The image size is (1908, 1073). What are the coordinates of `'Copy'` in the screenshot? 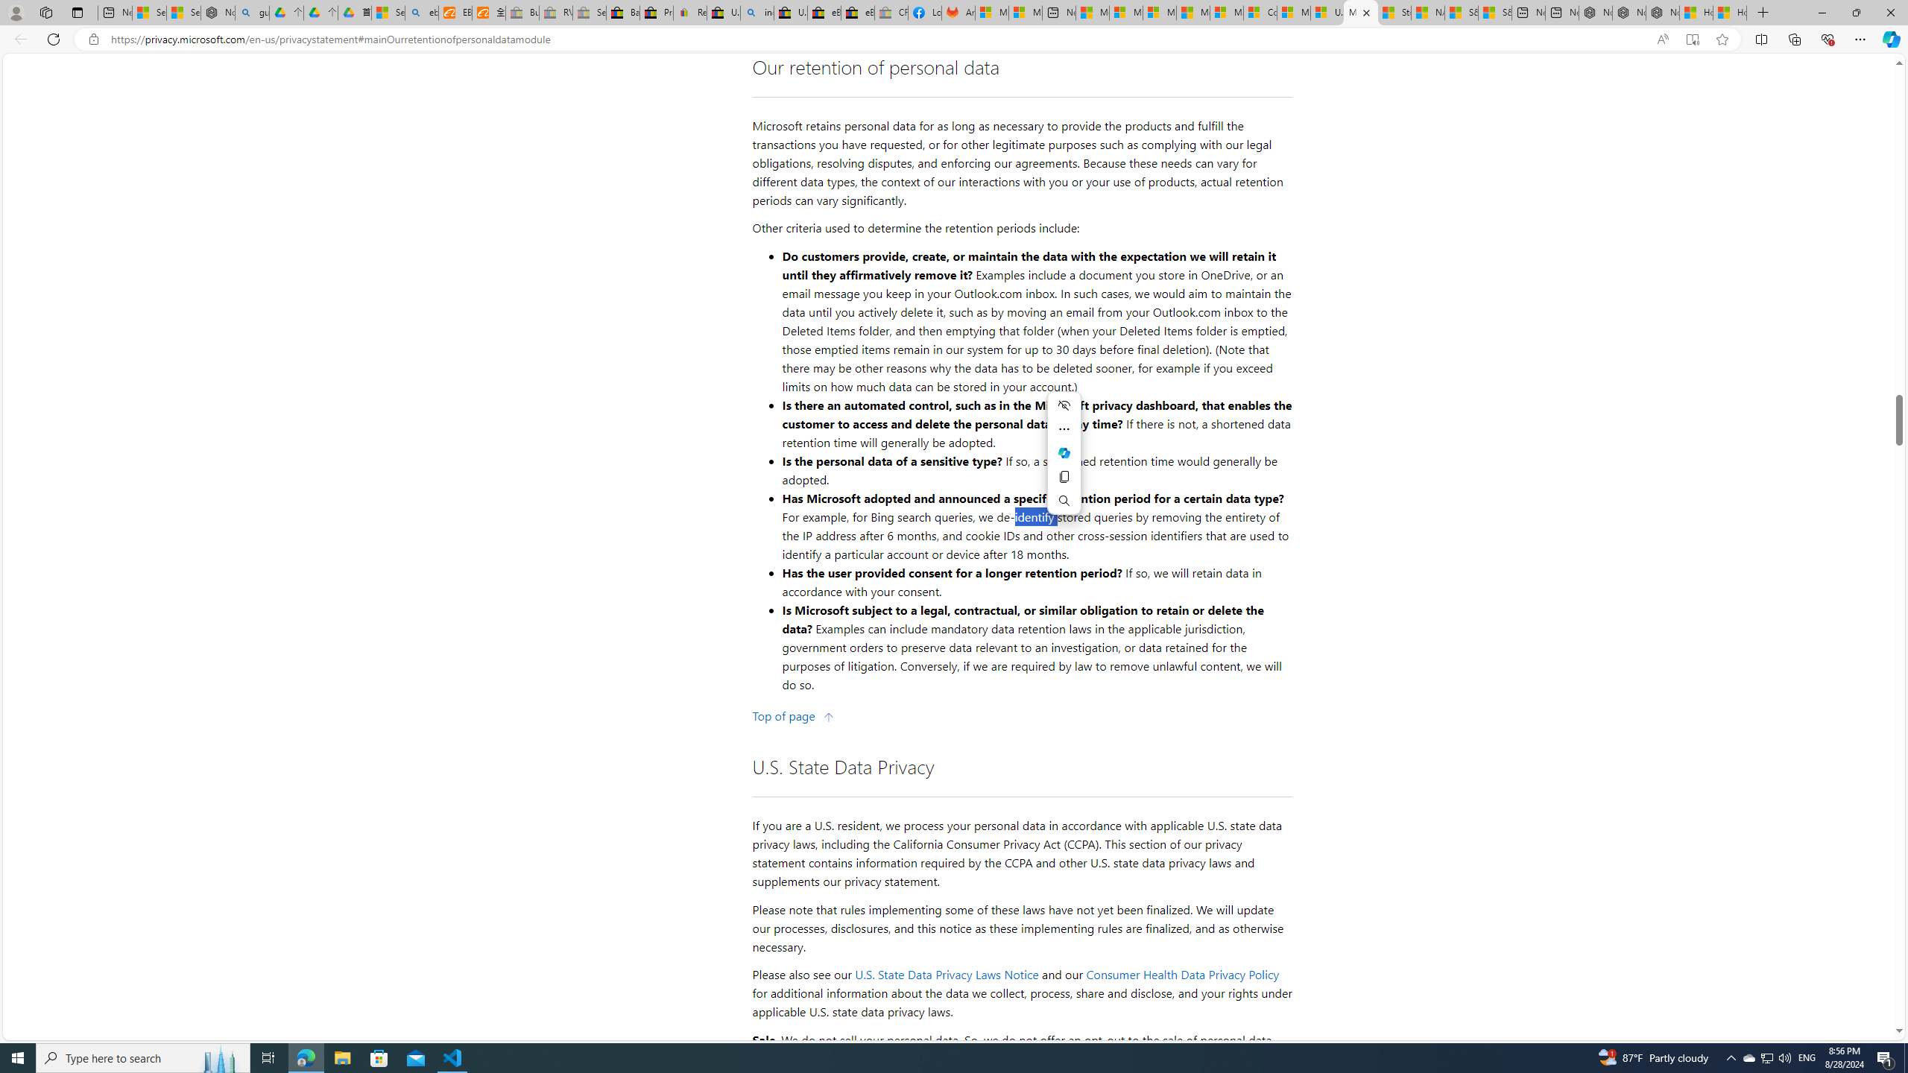 It's located at (1063, 476).